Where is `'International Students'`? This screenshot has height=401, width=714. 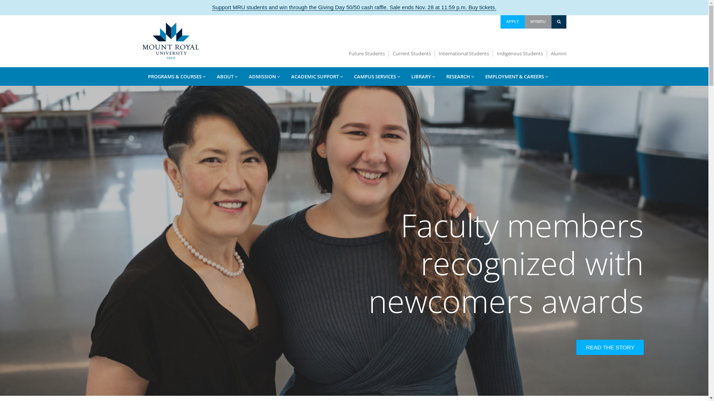 'International Students' is located at coordinates (464, 53).